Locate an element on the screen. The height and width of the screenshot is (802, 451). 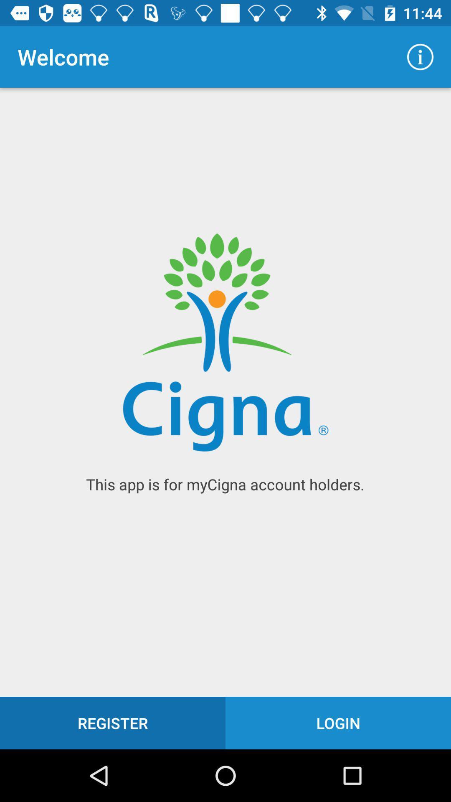
icon next to the login is located at coordinates (113, 723).